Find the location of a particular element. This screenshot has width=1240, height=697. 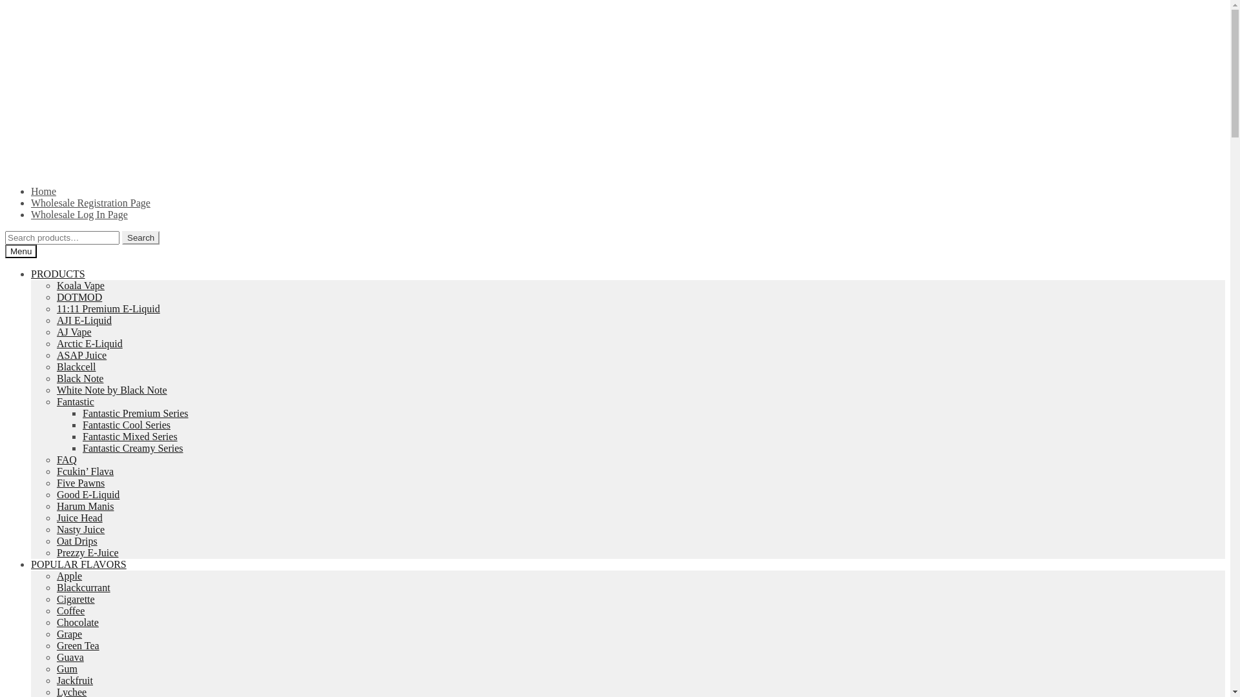

'AJ Vape' is located at coordinates (56, 331).